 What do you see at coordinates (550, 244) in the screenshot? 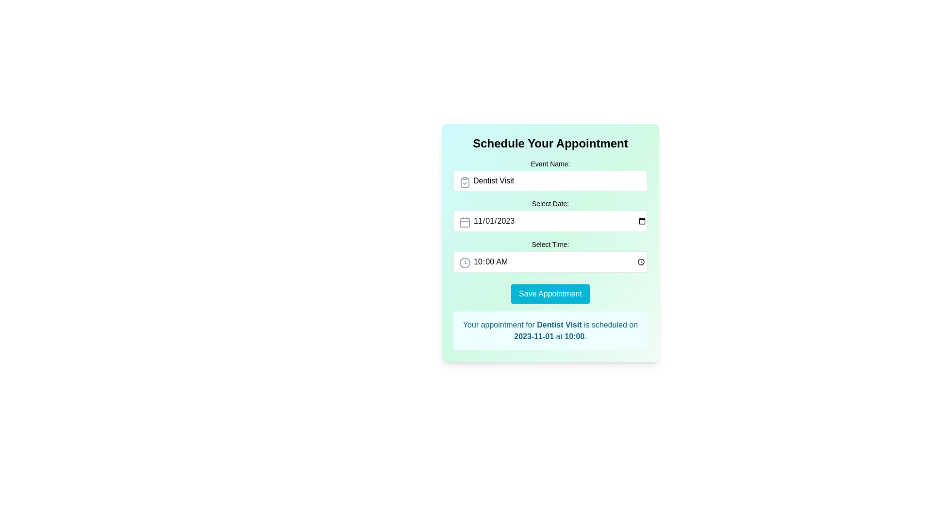
I see `static text label that displays 'Select Time:' located above the time input field` at bounding box center [550, 244].